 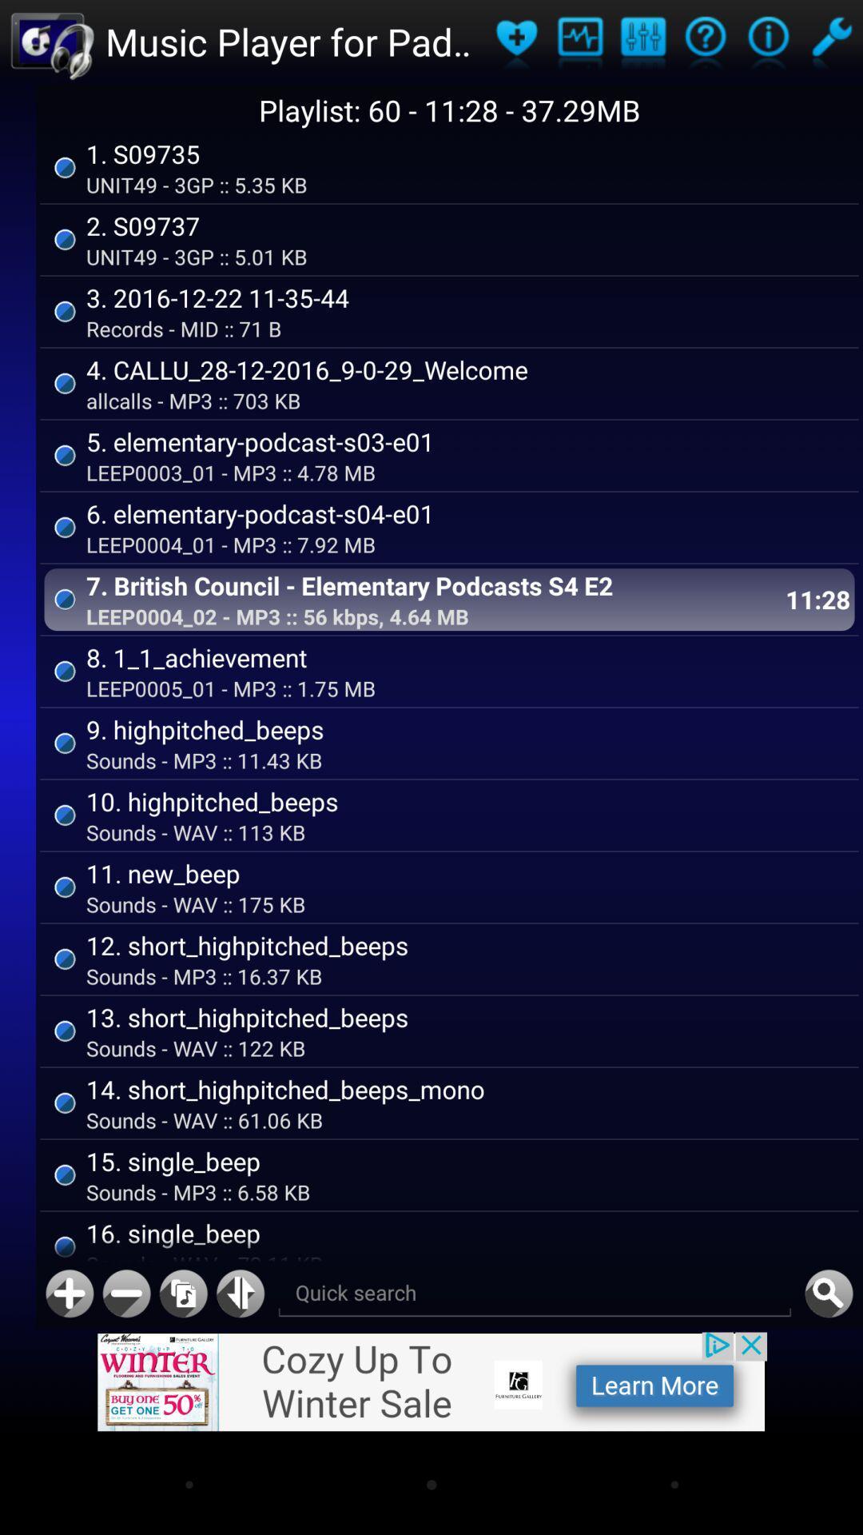 I want to click on remove track, so click(x=125, y=1294).